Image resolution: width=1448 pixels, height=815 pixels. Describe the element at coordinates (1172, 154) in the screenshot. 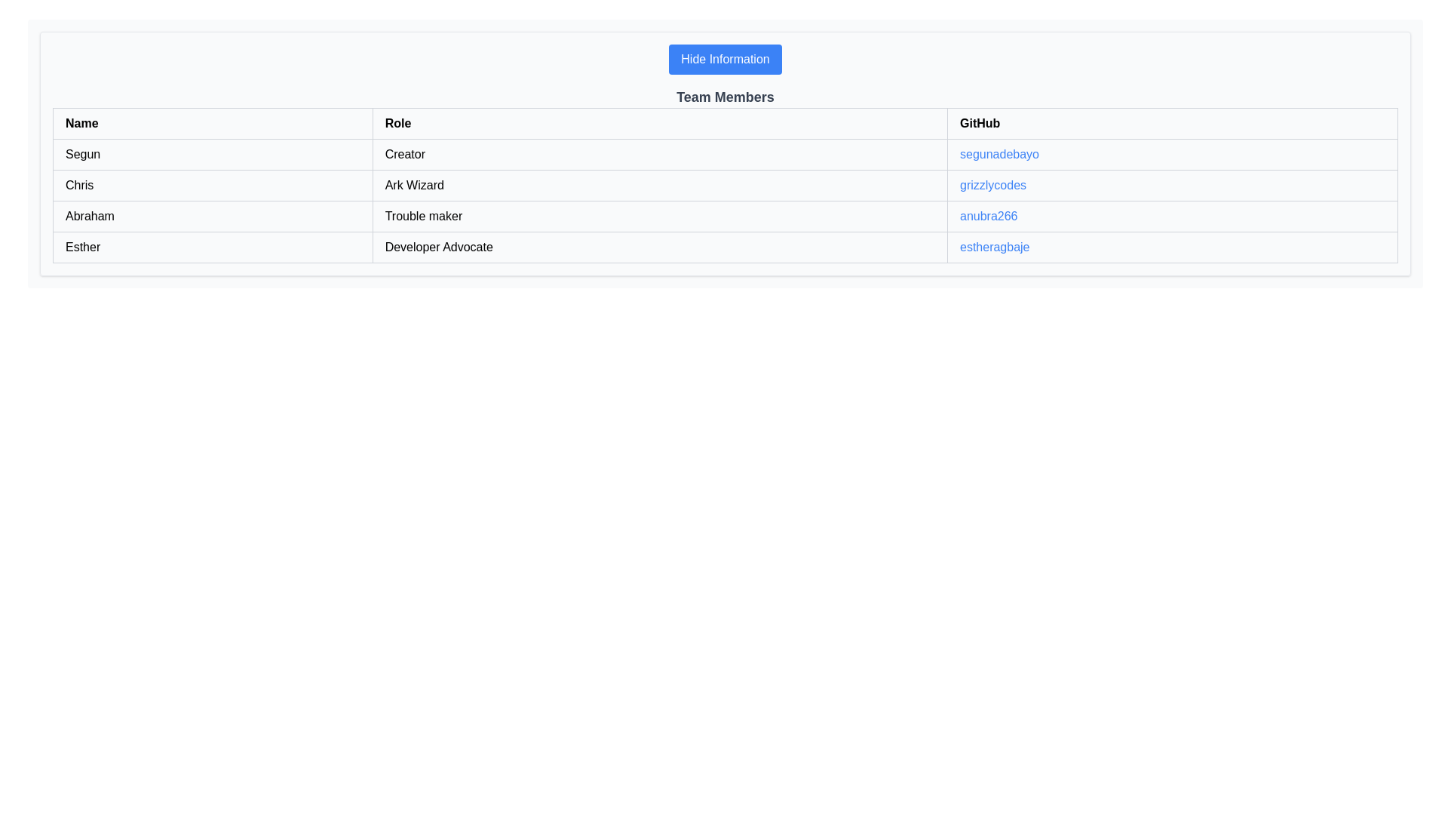

I see `the hyperlink in the 'GitHub' column for the individual named 'Segun'` at that location.